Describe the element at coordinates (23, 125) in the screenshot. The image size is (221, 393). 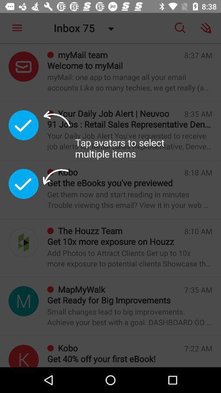
I see `the check icon` at that location.